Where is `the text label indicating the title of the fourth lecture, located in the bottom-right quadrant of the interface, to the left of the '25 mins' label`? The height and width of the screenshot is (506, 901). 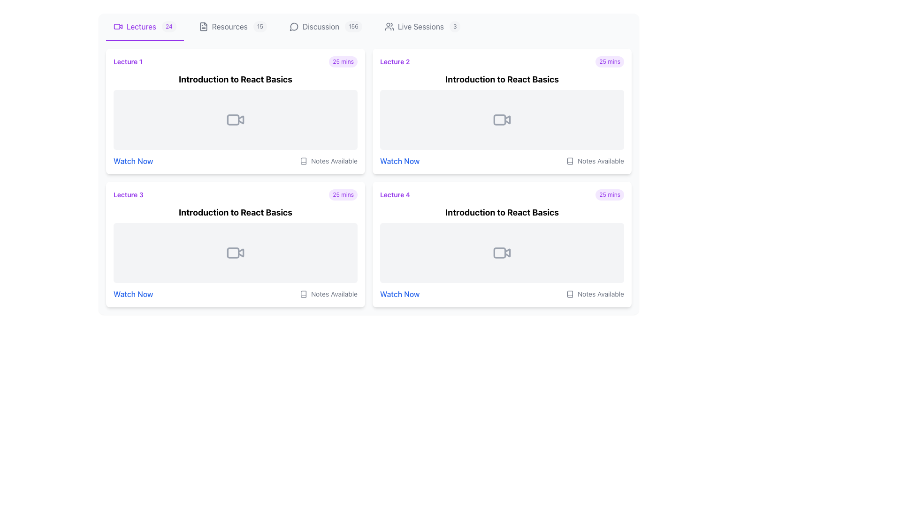 the text label indicating the title of the fourth lecture, located in the bottom-right quadrant of the interface, to the left of the '25 mins' label is located at coordinates (395, 194).